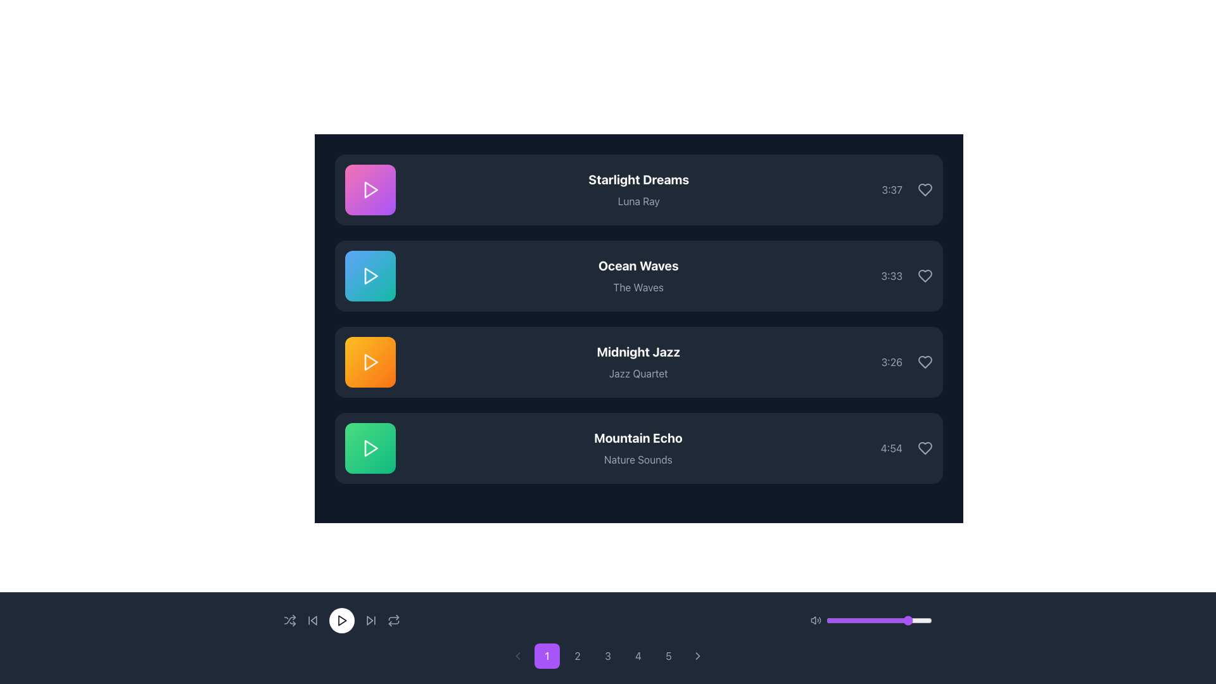 The image size is (1216, 684). What do you see at coordinates (925, 362) in the screenshot?
I see `the heart-shaped icon to trigger the color change effect from gray to pink` at bounding box center [925, 362].